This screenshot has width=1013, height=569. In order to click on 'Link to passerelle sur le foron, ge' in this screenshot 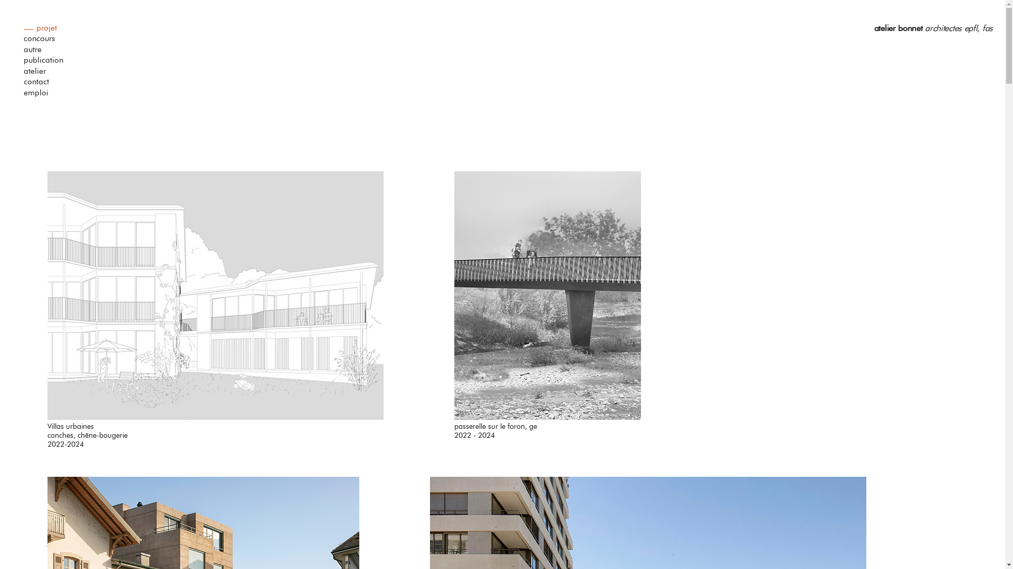, I will do `click(454, 295)`.